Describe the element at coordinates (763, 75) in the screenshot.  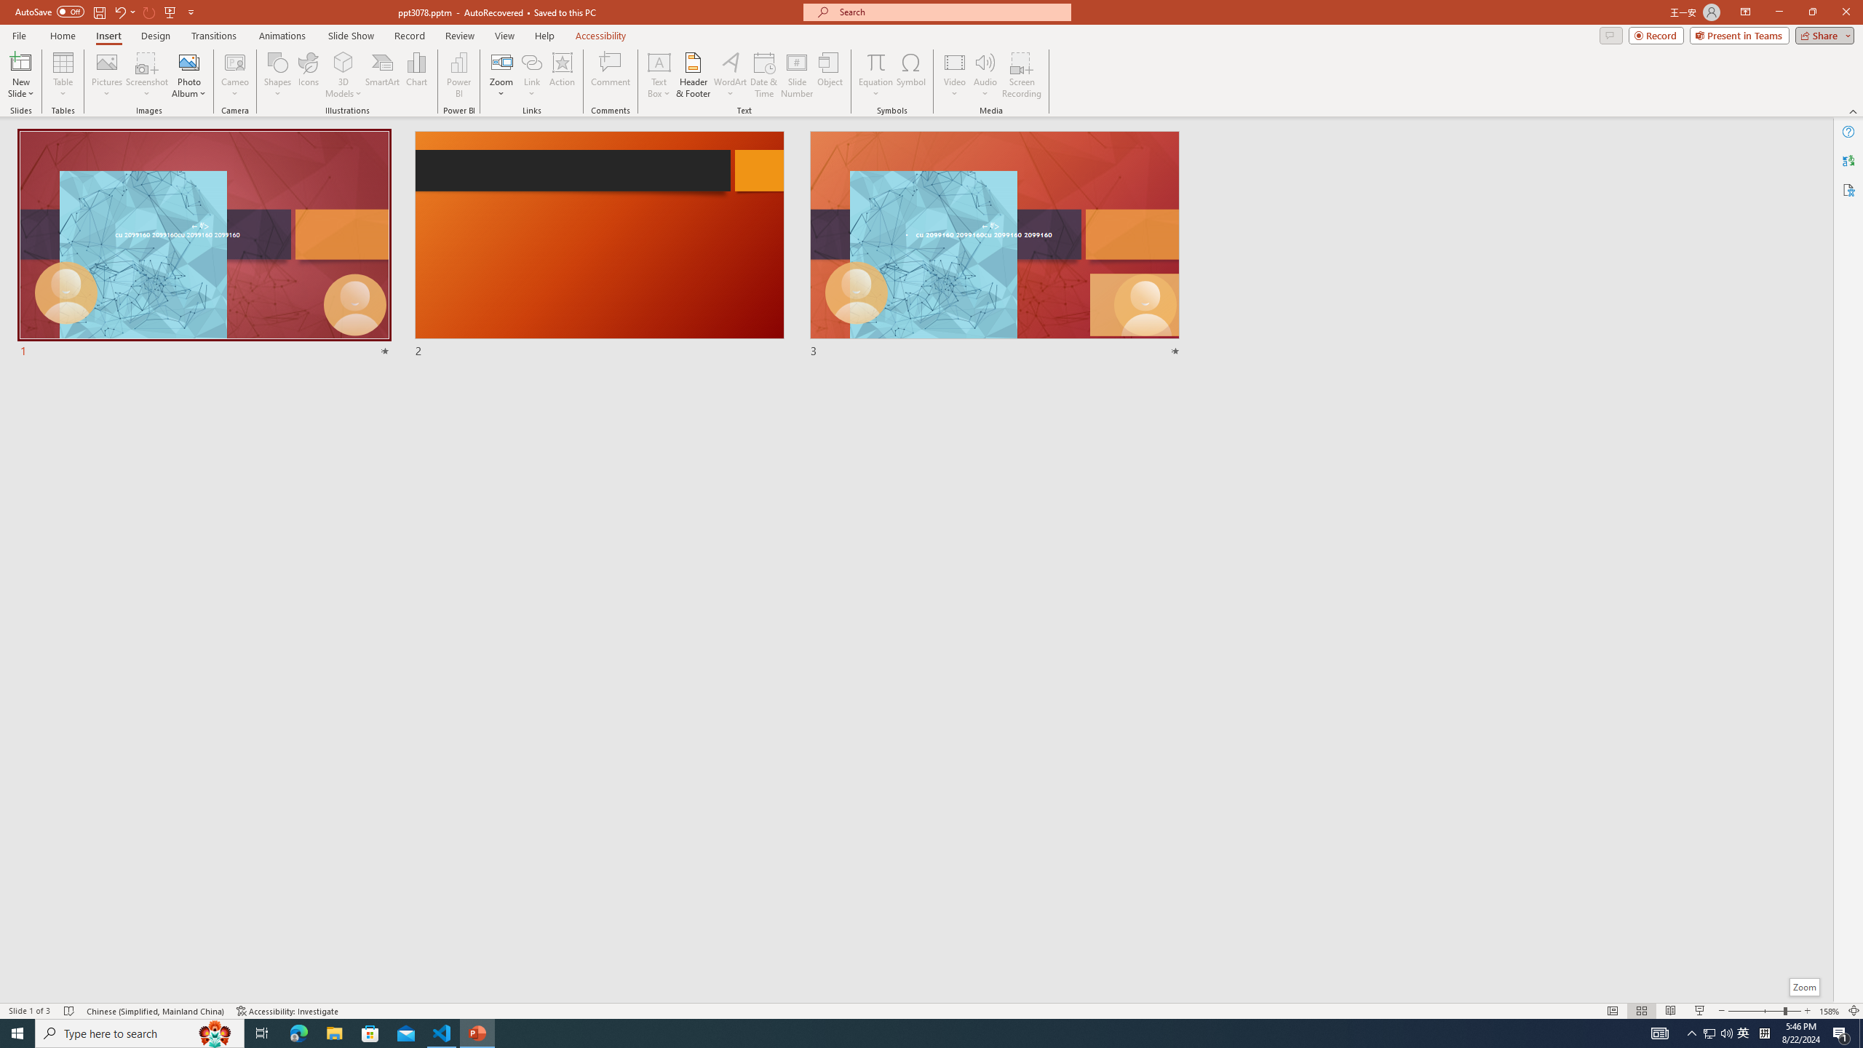
I see `'Date & Time...'` at that location.